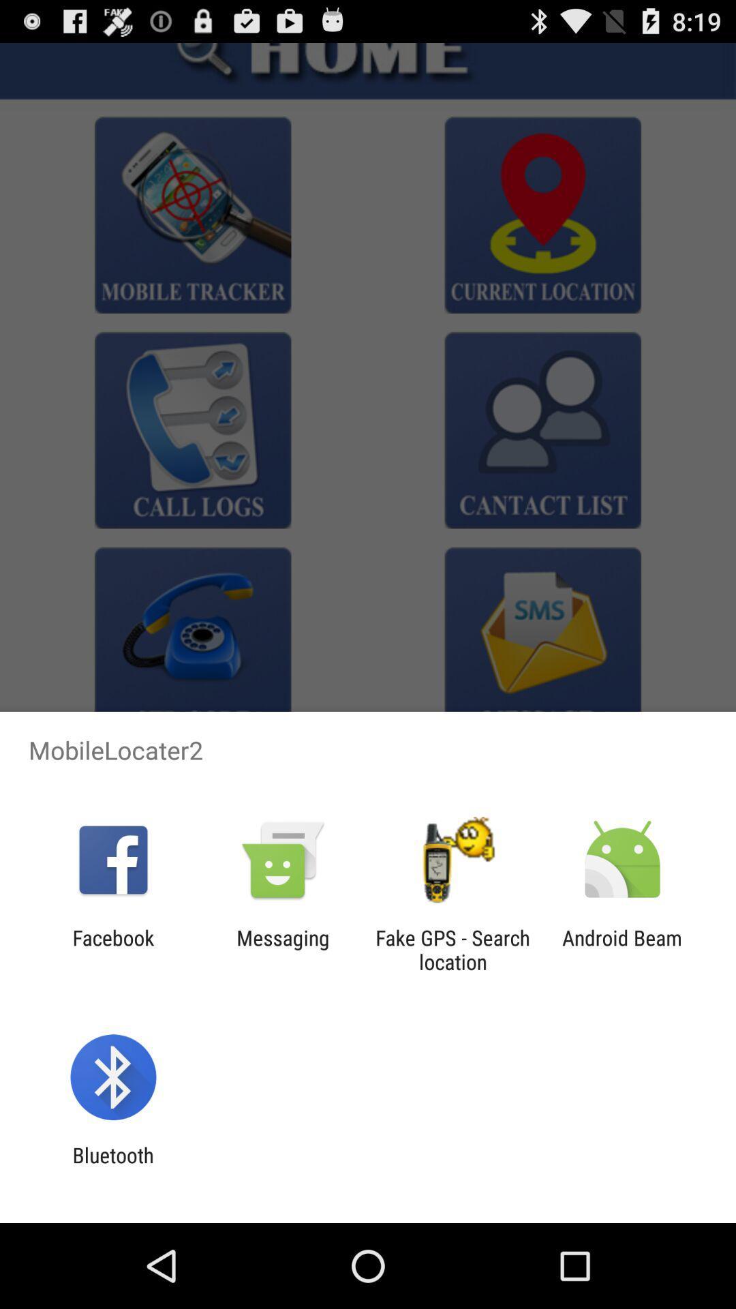 The width and height of the screenshot is (736, 1309). Describe the element at coordinates (282, 949) in the screenshot. I see `item to the right of the facebook icon` at that location.